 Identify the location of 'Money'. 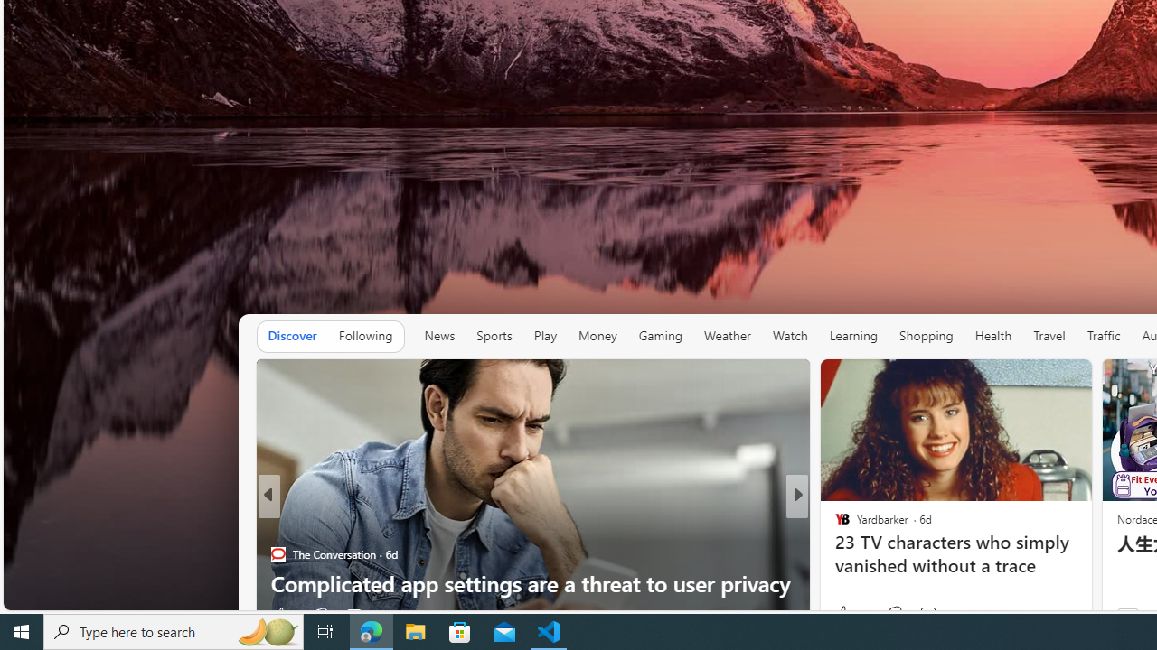
(597, 335).